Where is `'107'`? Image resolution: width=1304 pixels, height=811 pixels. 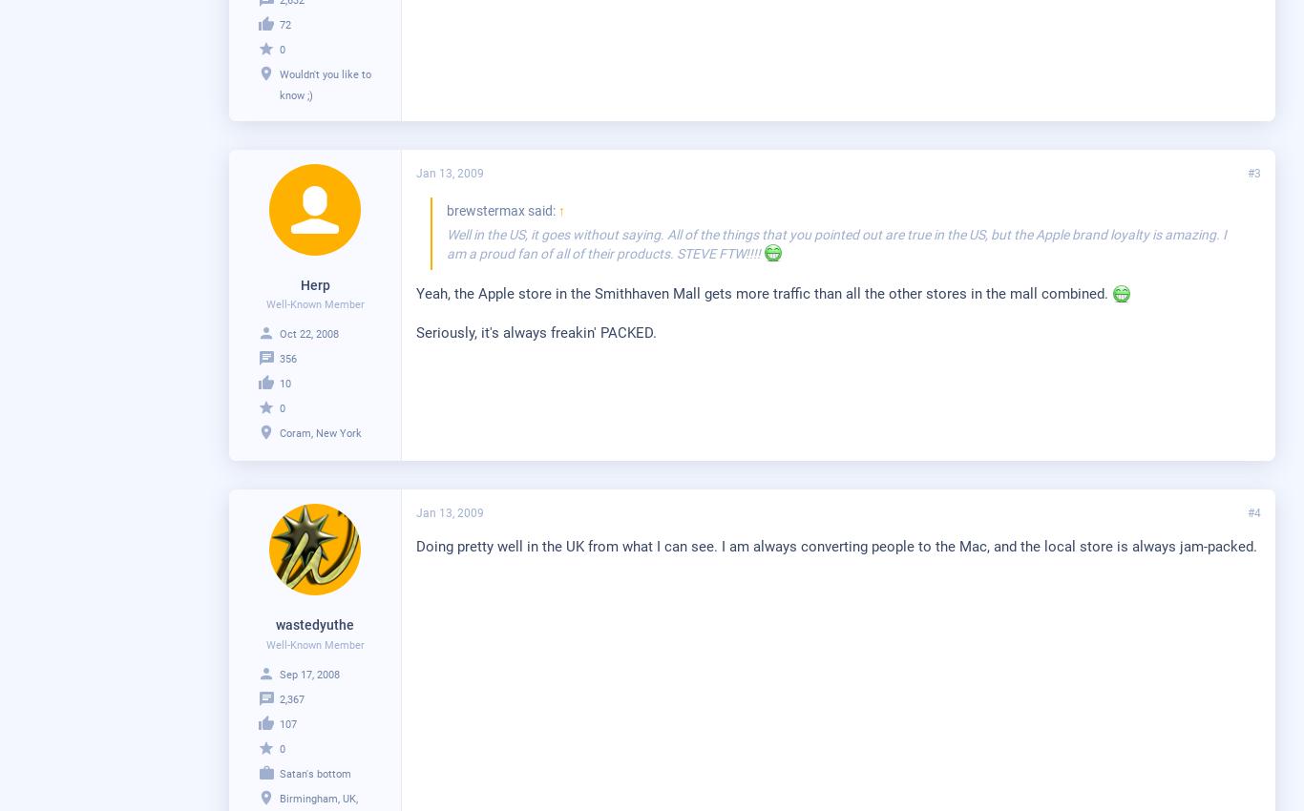
'107' is located at coordinates (288, 723).